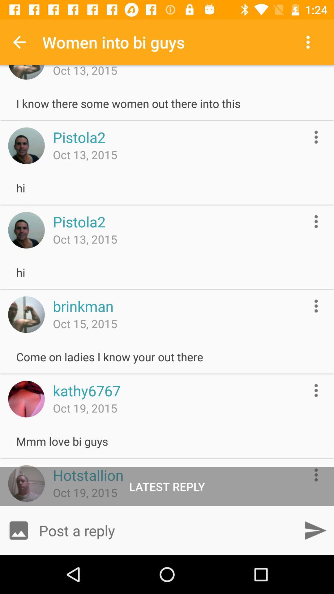 This screenshot has height=594, width=334. Describe the element at coordinates (315, 530) in the screenshot. I see `post reply` at that location.